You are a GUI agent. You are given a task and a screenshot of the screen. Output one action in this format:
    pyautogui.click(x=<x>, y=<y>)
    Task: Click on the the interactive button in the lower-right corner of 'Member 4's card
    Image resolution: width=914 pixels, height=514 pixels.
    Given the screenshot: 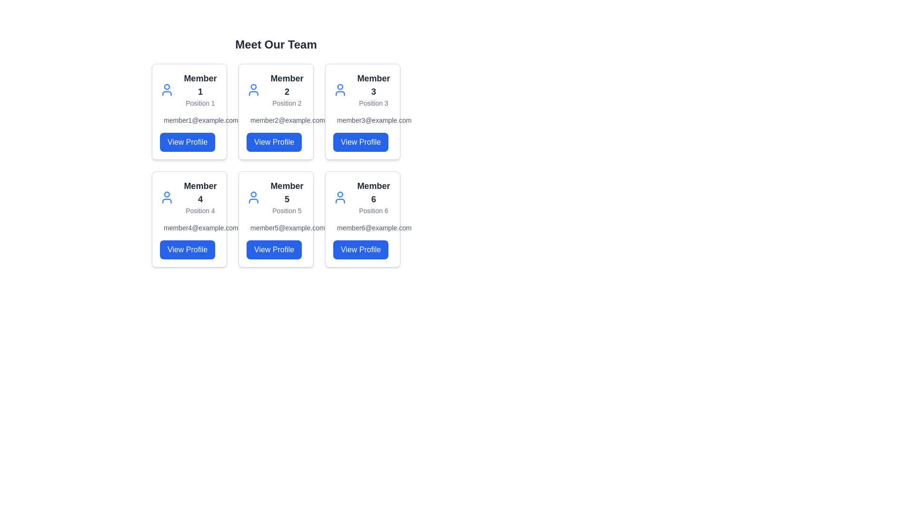 What is the action you would take?
    pyautogui.click(x=188, y=249)
    